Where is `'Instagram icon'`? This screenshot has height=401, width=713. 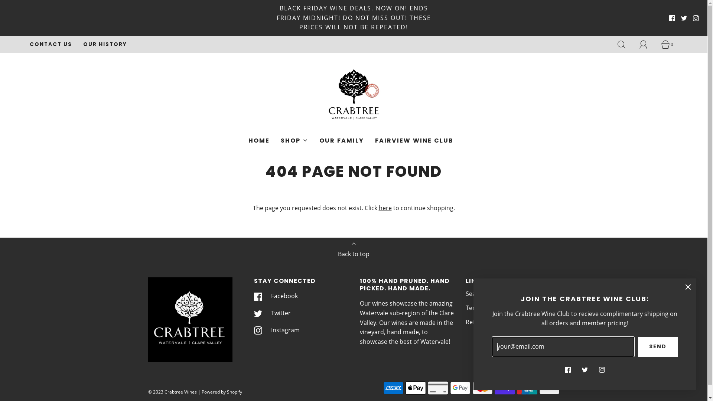
'Instagram icon' is located at coordinates (599, 369).